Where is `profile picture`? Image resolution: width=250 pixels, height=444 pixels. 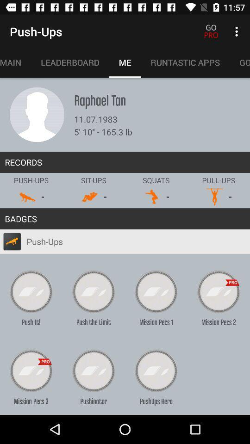 profile picture is located at coordinates (37, 114).